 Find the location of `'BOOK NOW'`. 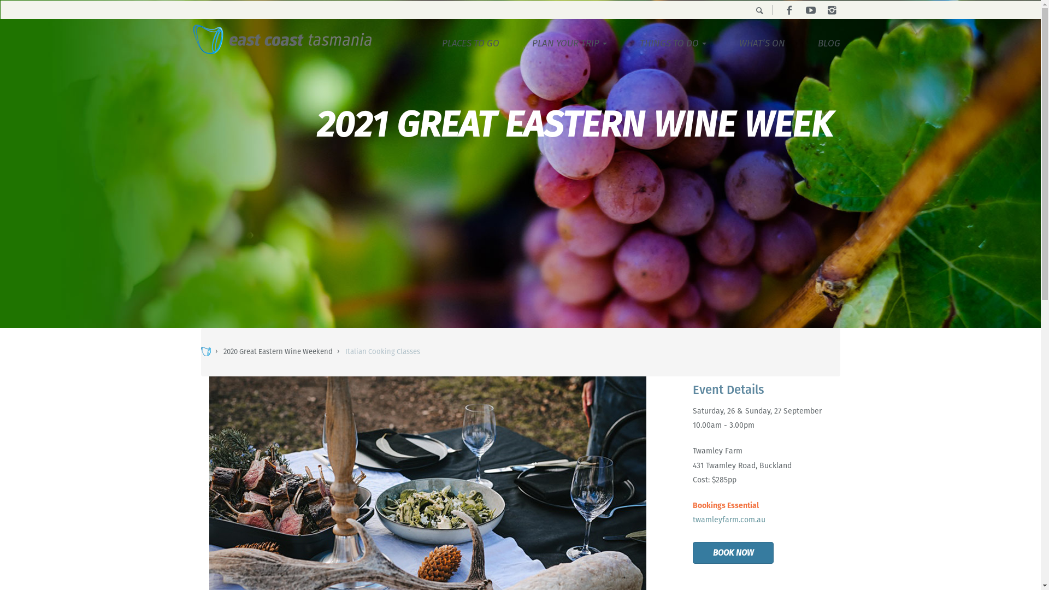

'BOOK NOW' is located at coordinates (733, 553).